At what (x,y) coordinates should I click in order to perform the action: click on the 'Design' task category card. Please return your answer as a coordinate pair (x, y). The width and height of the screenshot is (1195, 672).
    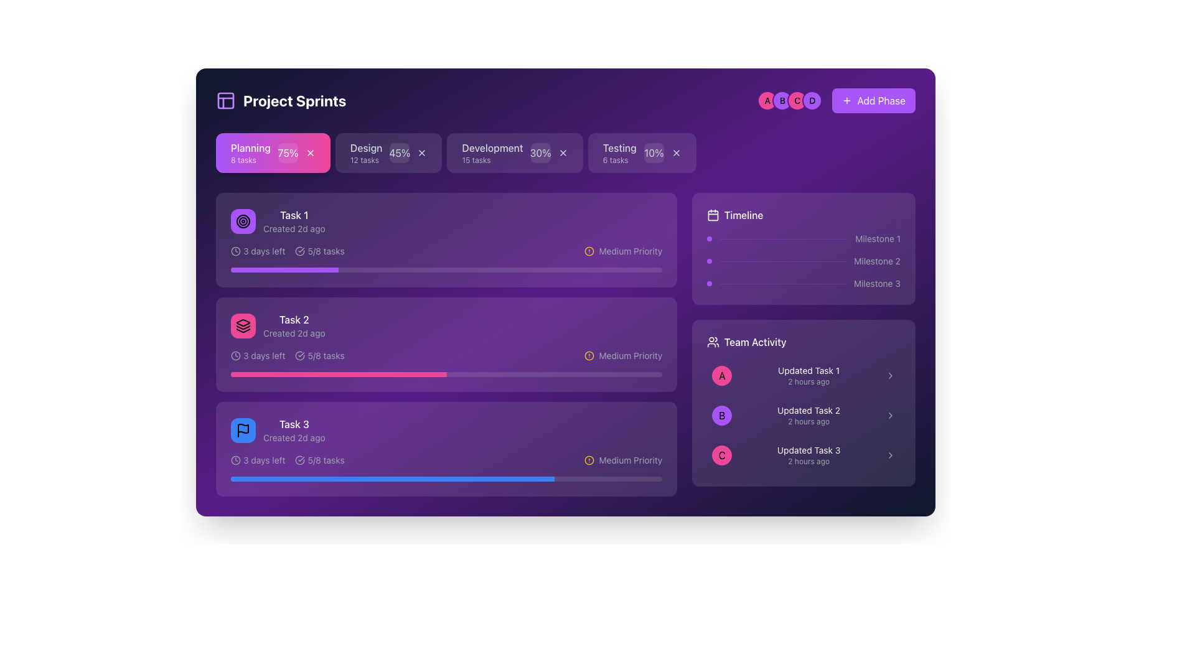
    Looking at the image, I should click on (388, 152).